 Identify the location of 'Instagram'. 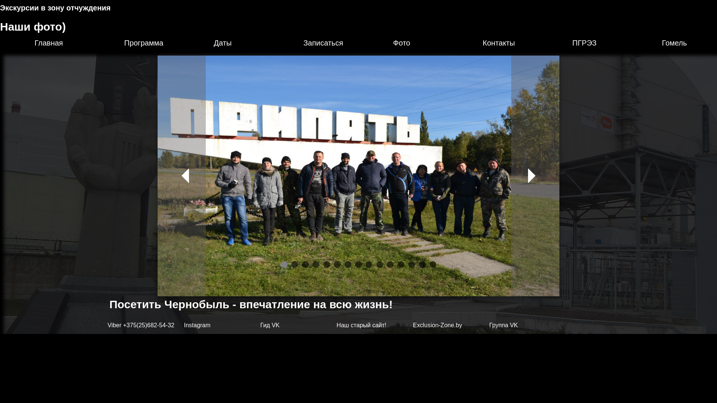
(197, 325).